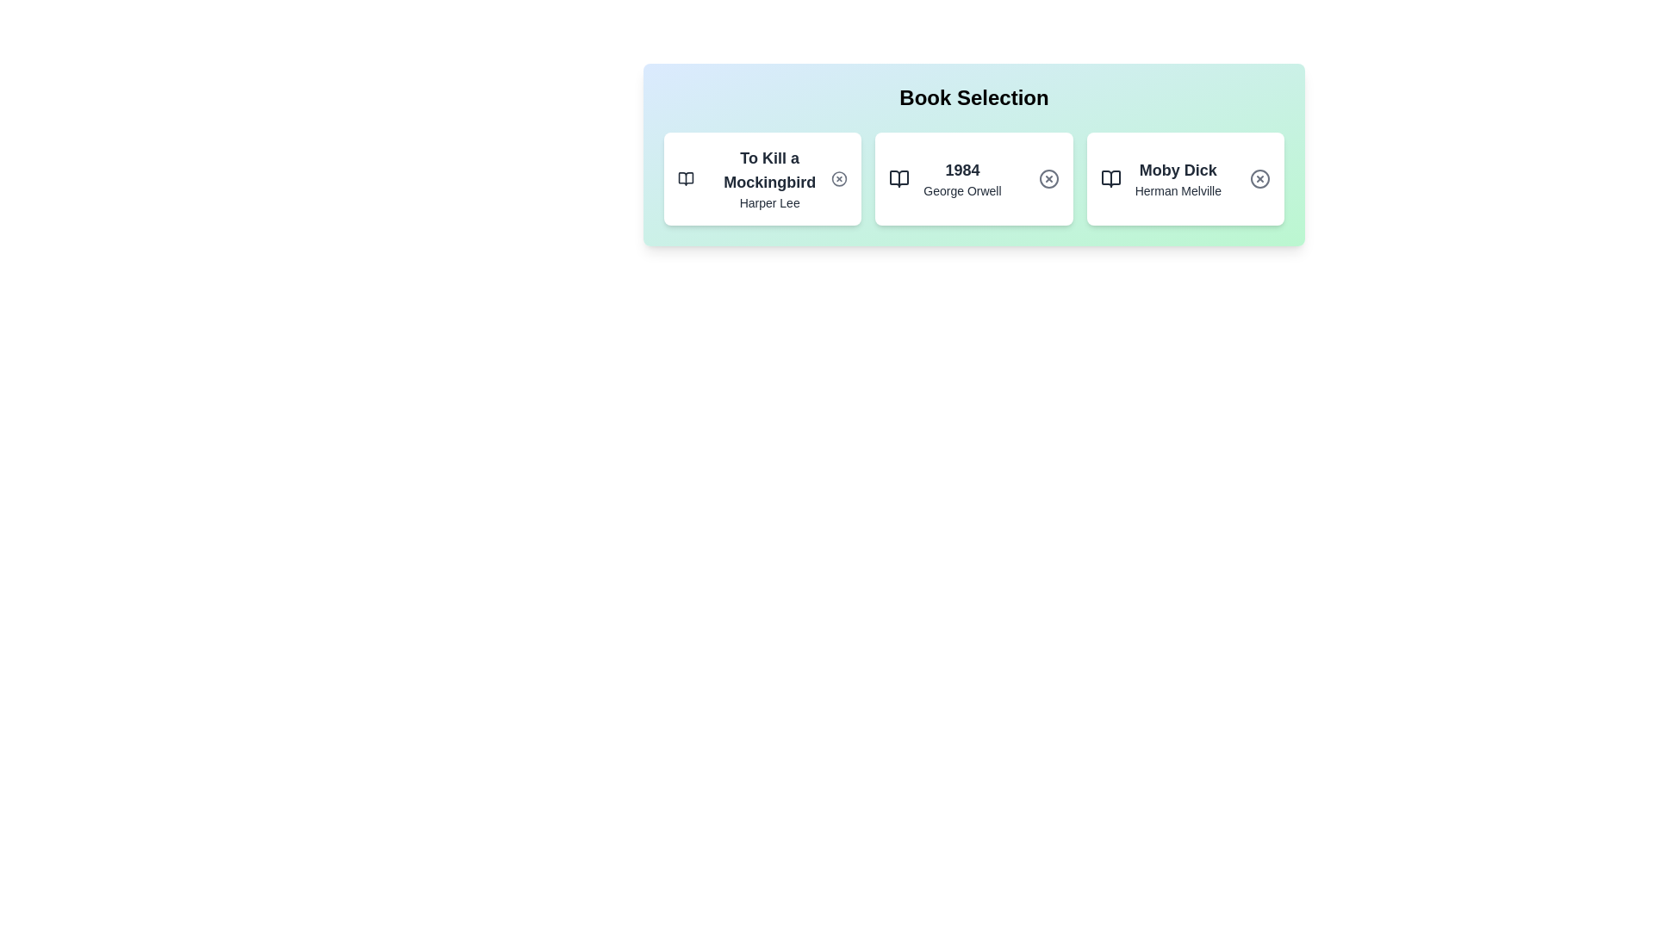 This screenshot has height=930, width=1654. What do you see at coordinates (761, 179) in the screenshot?
I see `the book chip to inspect the book details` at bounding box center [761, 179].